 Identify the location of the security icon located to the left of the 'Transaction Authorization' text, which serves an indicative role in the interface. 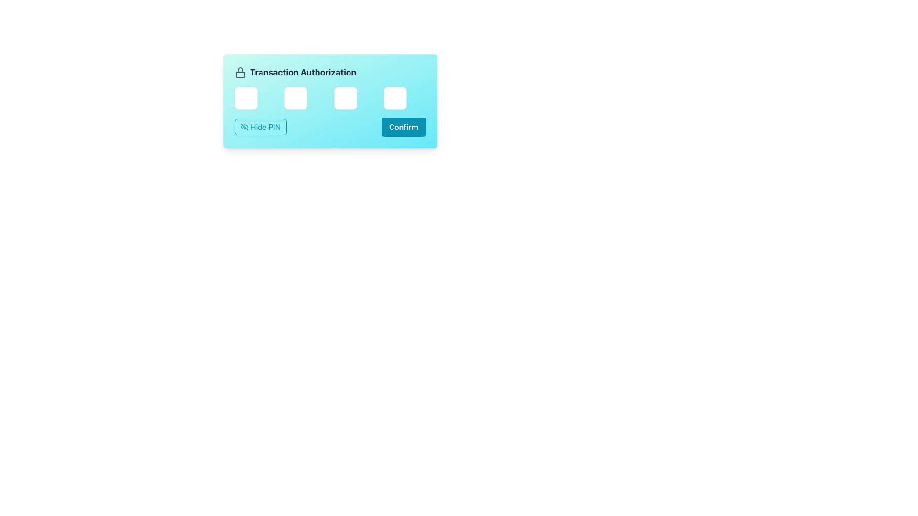
(240, 72).